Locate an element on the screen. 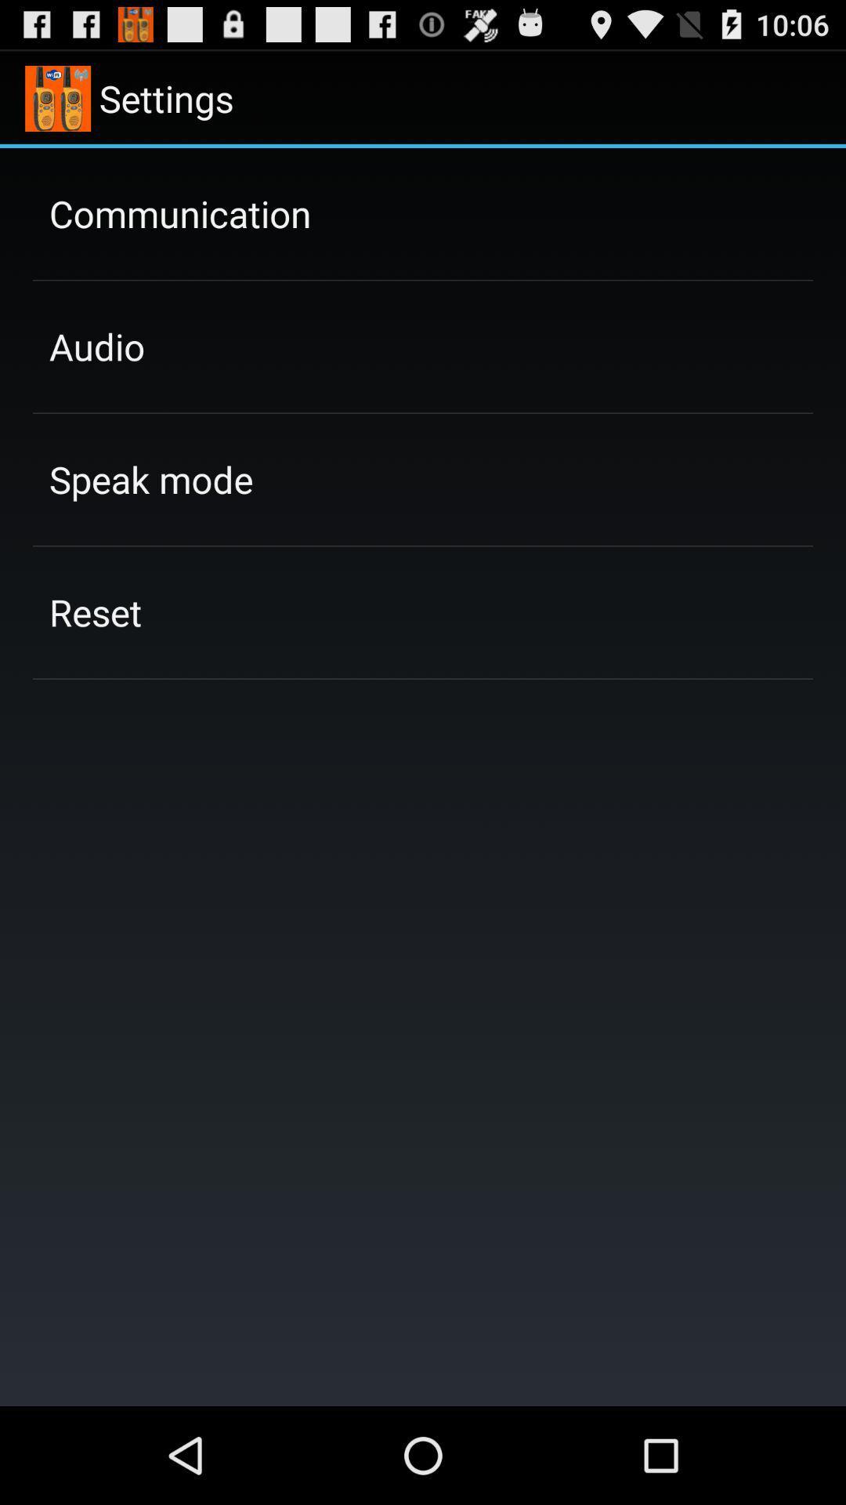 The width and height of the screenshot is (846, 1505). the item below the speak mode is located at coordinates (96, 611).